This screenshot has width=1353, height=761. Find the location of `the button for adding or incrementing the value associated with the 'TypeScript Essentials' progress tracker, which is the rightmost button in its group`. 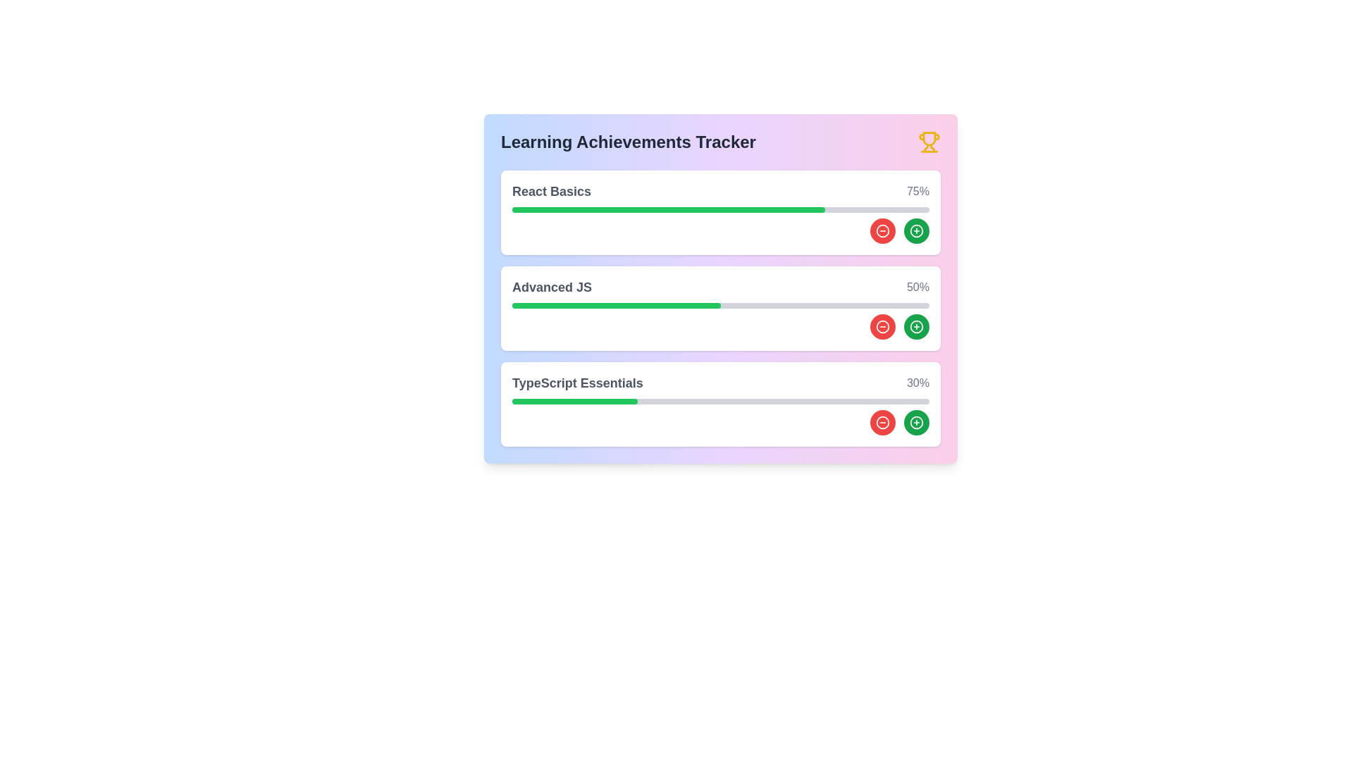

the button for adding or incrementing the value associated with the 'TypeScript Essentials' progress tracker, which is the rightmost button in its group is located at coordinates (916, 422).